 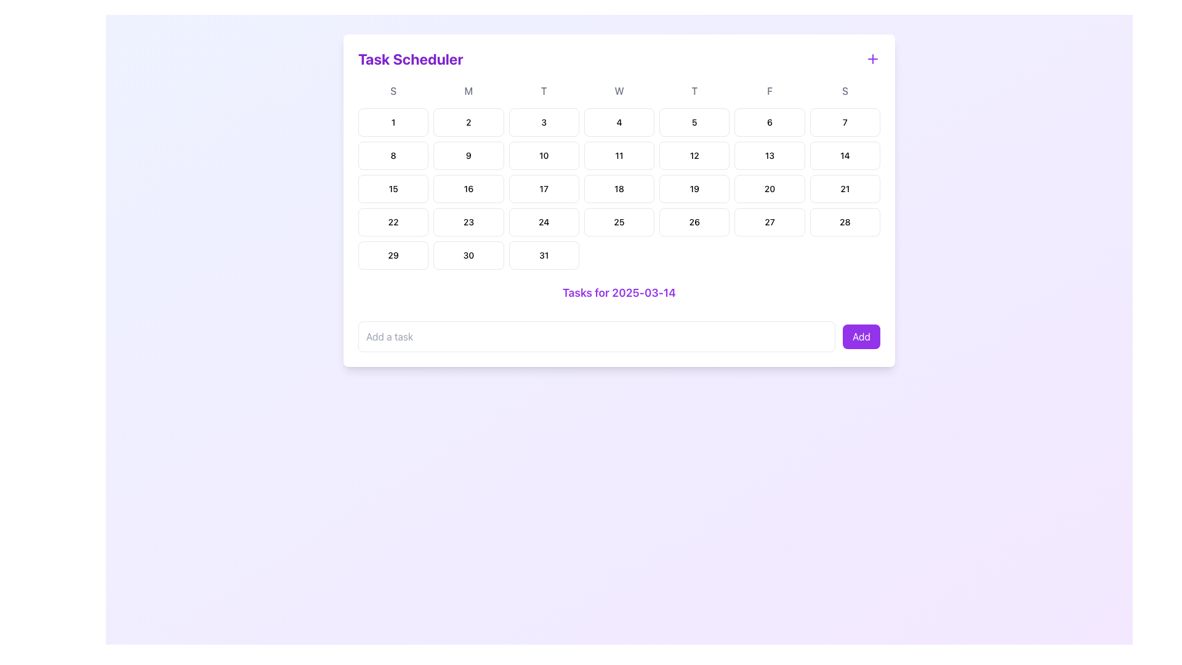 What do you see at coordinates (844, 222) in the screenshot?
I see `the button labeled '28' in the last row and seventh column of the calendar grid` at bounding box center [844, 222].